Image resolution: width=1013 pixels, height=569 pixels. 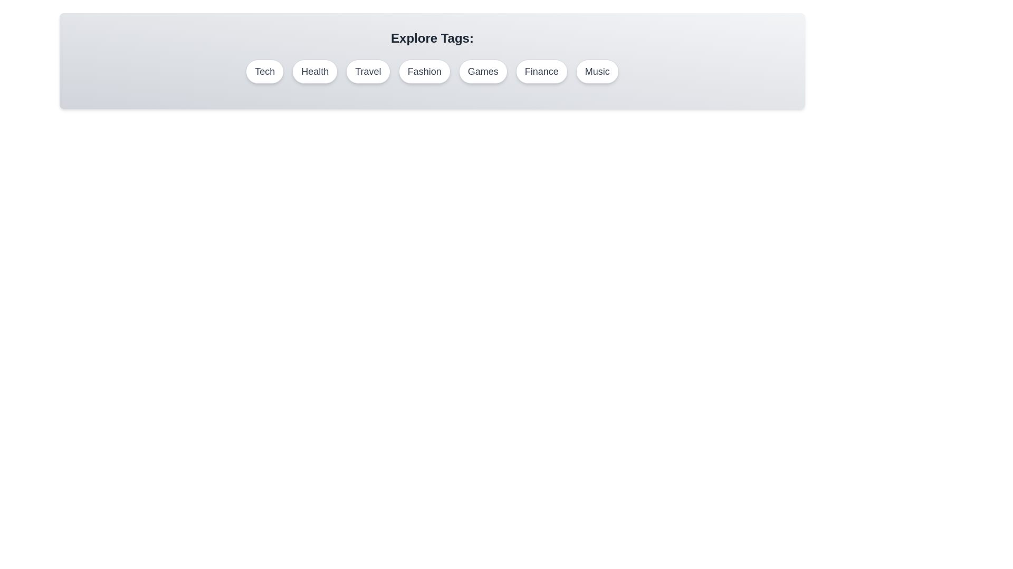 I want to click on the tag labeled Health to select it, so click(x=314, y=71).